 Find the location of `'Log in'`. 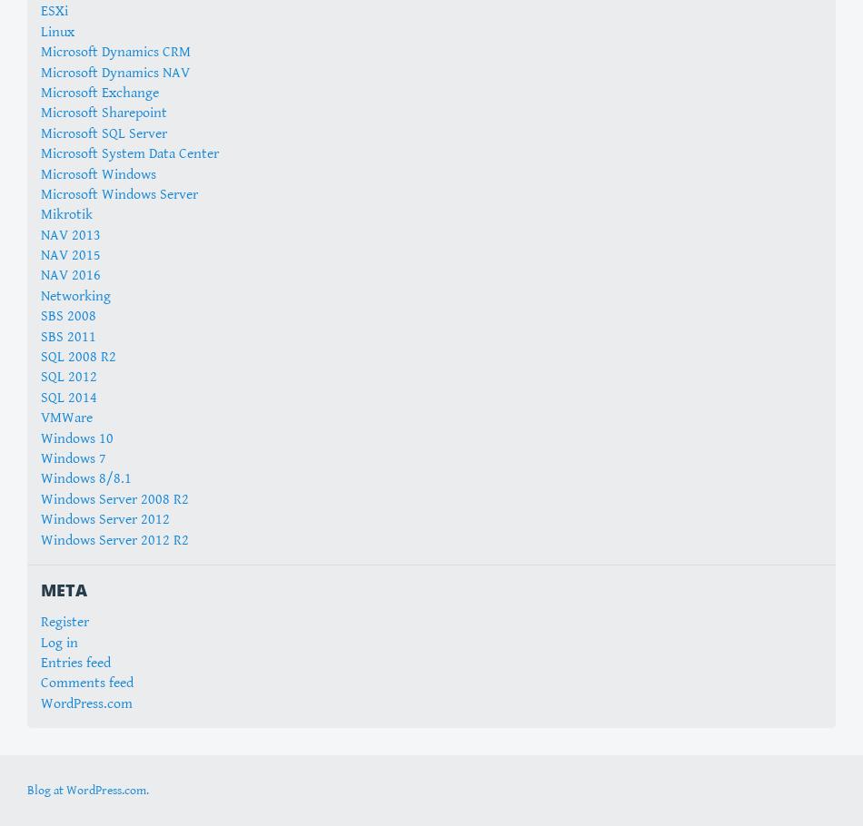

'Log in' is located at coordinates (41, 642).